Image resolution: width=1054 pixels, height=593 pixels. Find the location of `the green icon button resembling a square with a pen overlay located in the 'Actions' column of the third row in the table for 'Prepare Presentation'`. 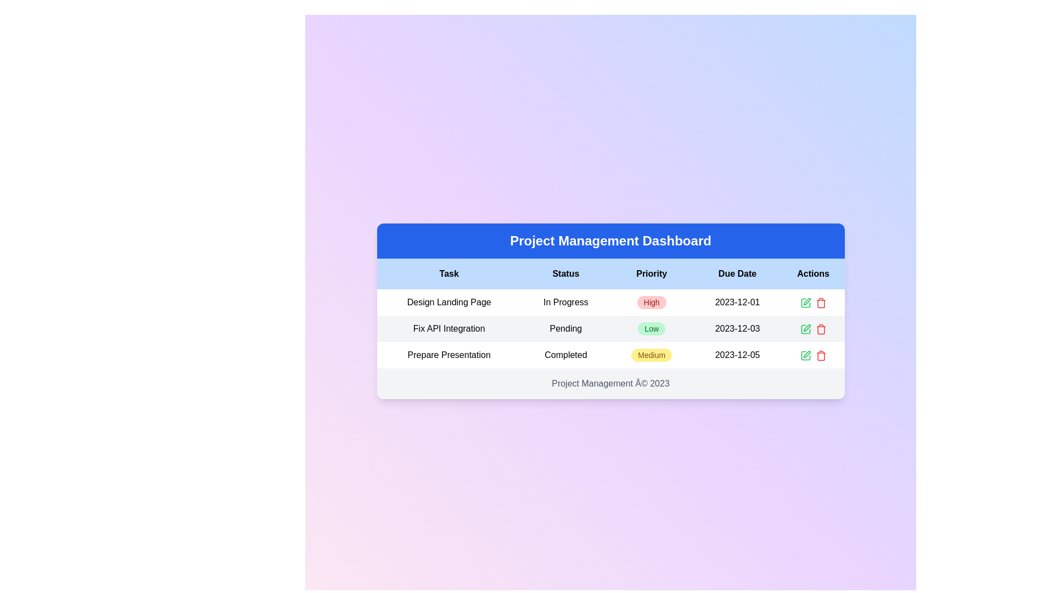

the green icon button resembling a square with a pen overlay located in the 'Actions' column of the third row in the table for 'Prepare Presentation' is located at coordinates (805, 355).